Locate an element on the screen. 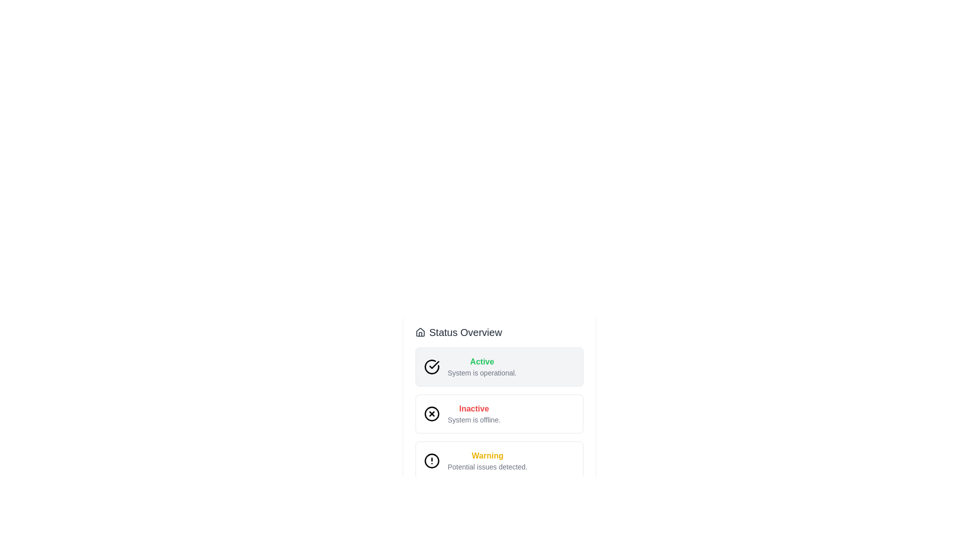 Image resolution: width=960 pixels, height=540 pixels. the first Status Card in the vertical list of status indicators is located at coordinates (499, 366).